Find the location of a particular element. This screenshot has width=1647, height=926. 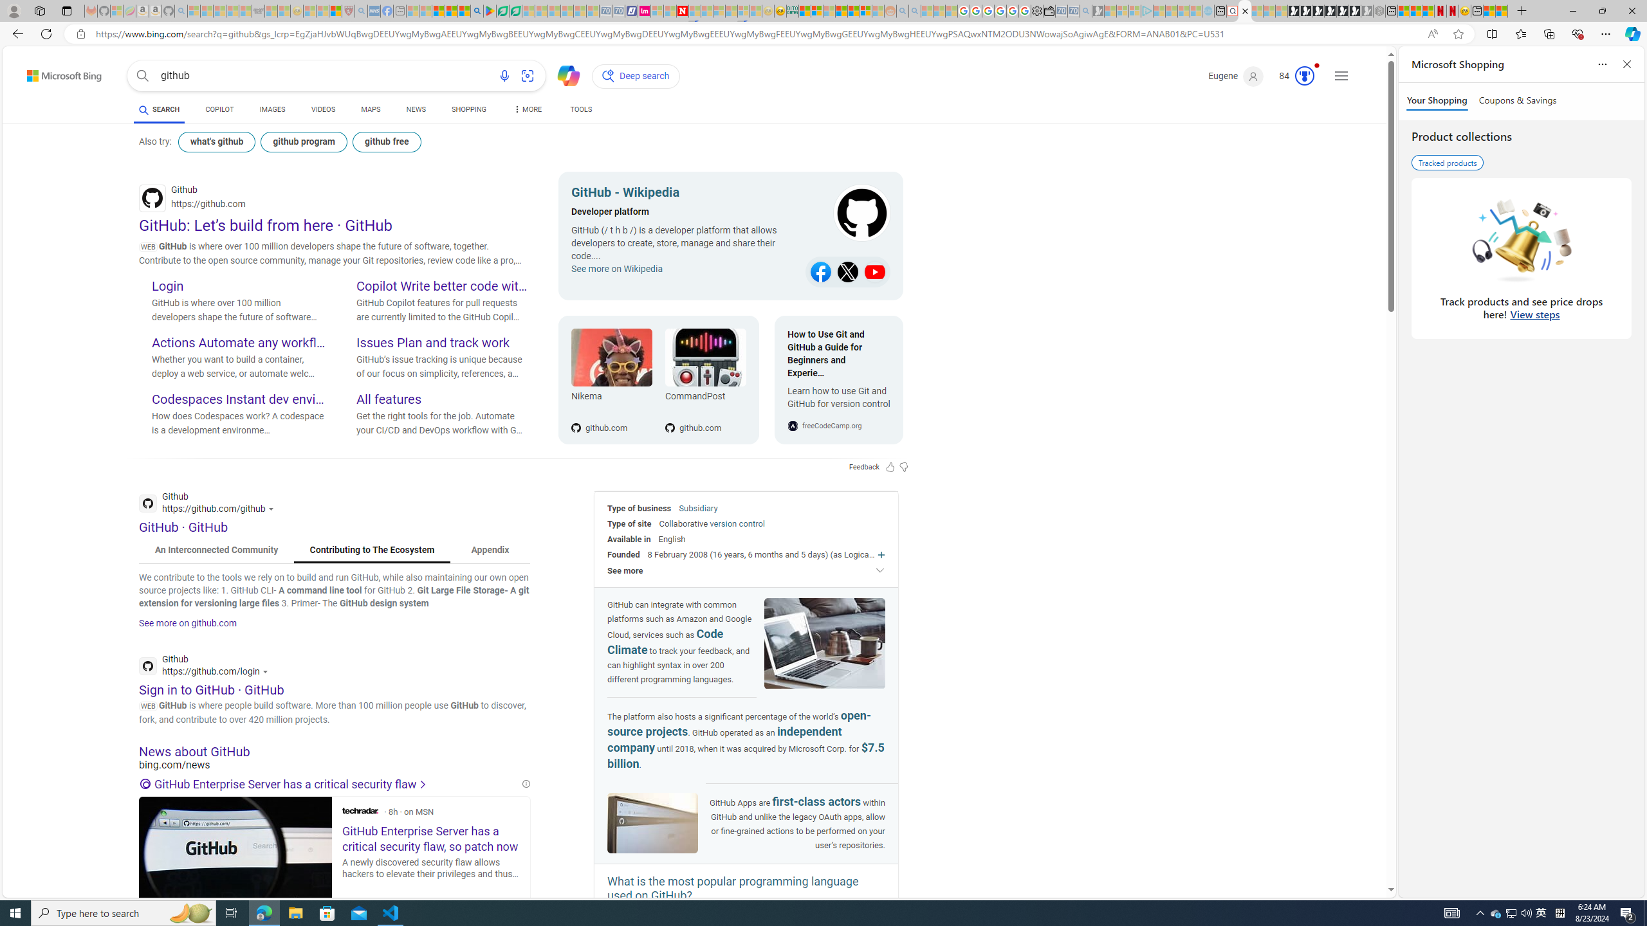

'SEARCH' is located at coordinates (158, 109).